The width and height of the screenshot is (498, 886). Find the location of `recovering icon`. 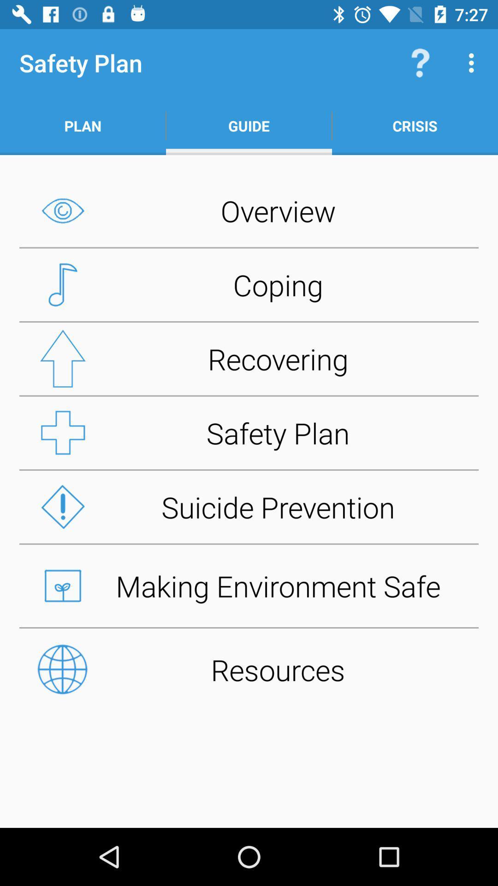

recovering icon is located at coordinates (249, 358).